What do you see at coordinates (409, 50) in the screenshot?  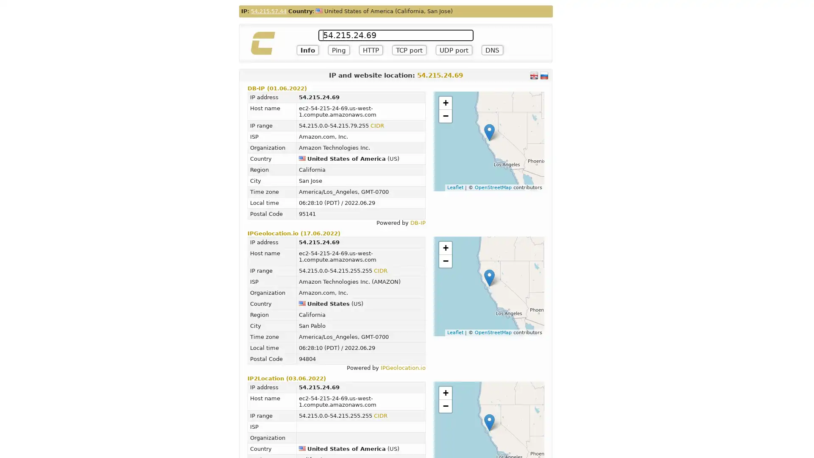 I see `TCP port` at bounding box center [409, 50].